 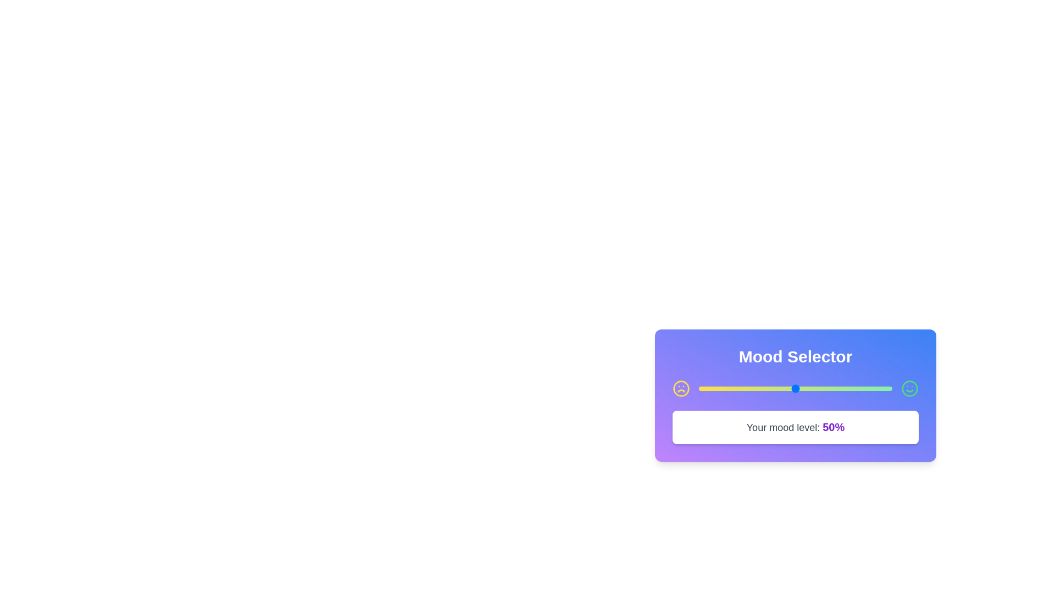 I want to click on the mood slider to set the mood value to 59, so click(x=813, y=388).